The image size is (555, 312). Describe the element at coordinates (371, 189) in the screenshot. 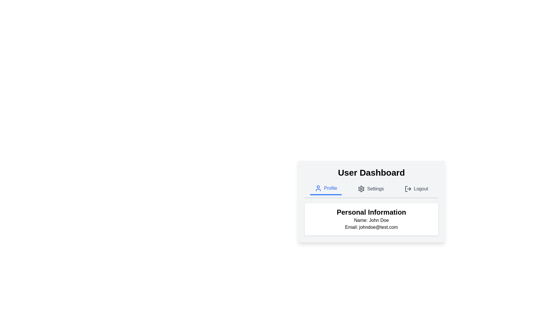

I see `the settings button located in the middle of the horizontal navigation bar, which provides access to configuration options` at that location.